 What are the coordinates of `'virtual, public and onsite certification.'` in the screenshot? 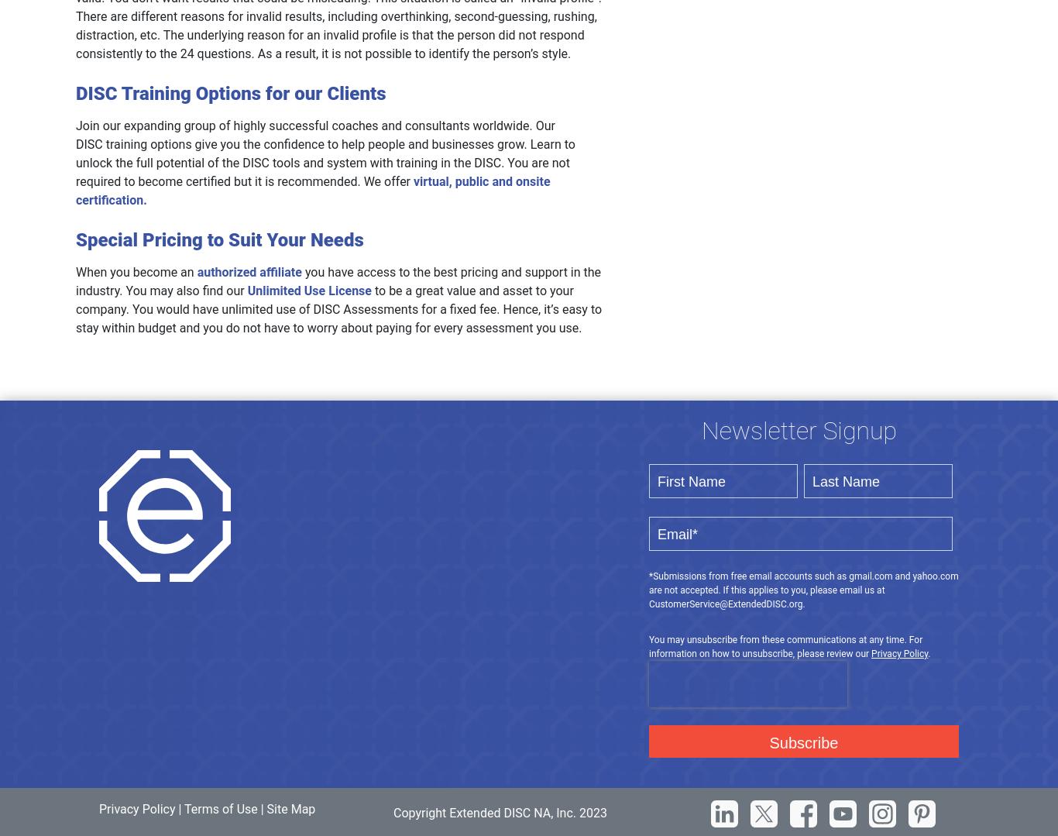 It's located at (312, 190).